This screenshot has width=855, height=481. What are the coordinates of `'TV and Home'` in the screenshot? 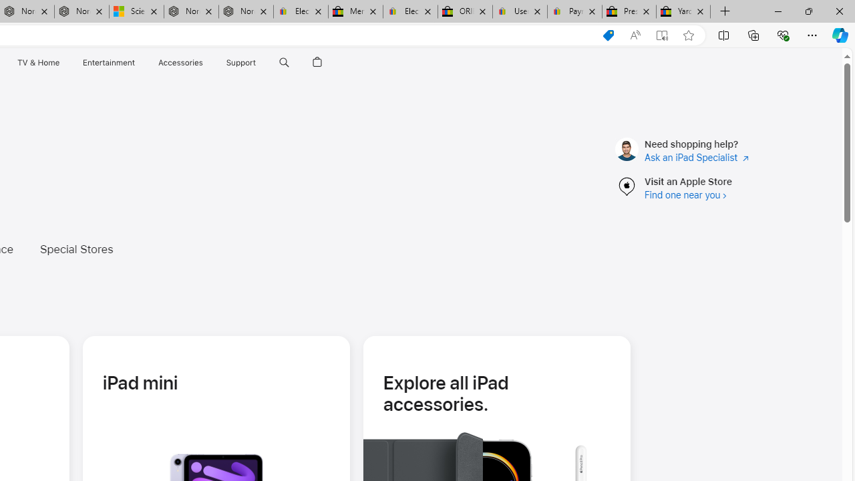 It's located at (37, 62).